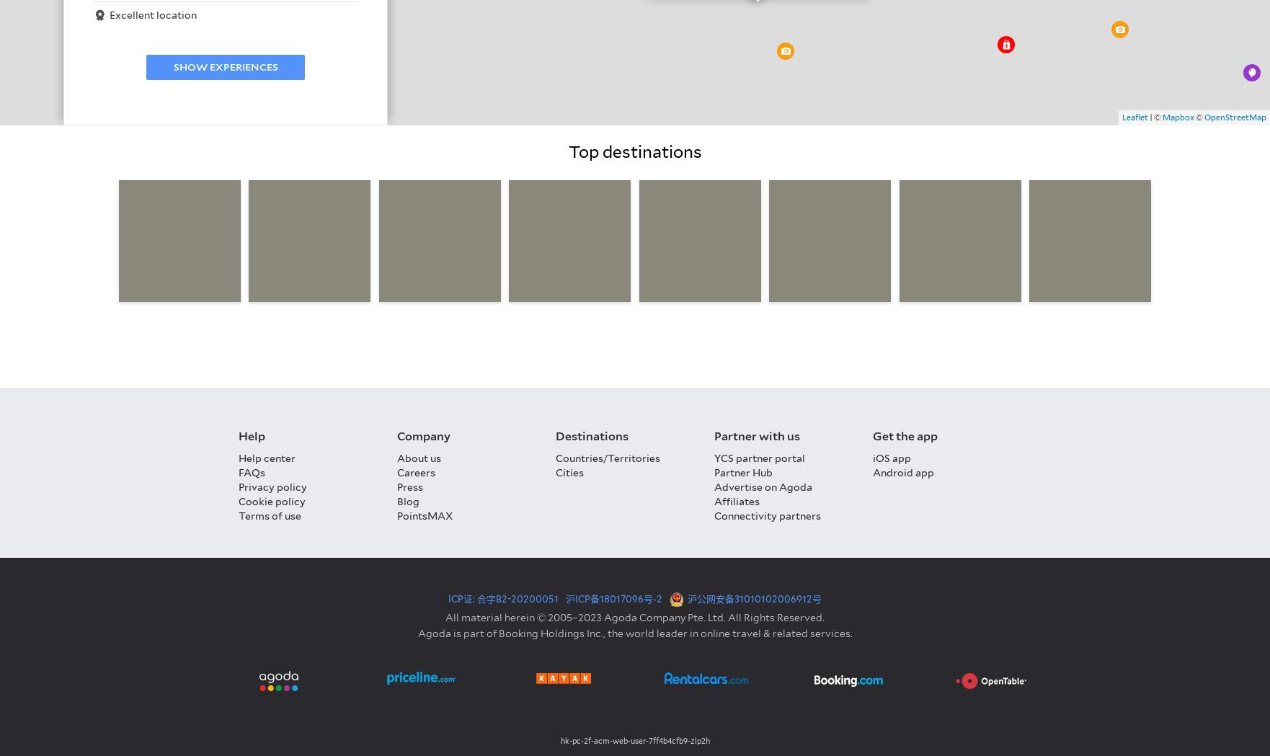 This screenshot has height=756, width=1270. What do you see at coordinates (905, 435) in the screenshot?
I see `'Get the app'` at bounding box center [905, 435].